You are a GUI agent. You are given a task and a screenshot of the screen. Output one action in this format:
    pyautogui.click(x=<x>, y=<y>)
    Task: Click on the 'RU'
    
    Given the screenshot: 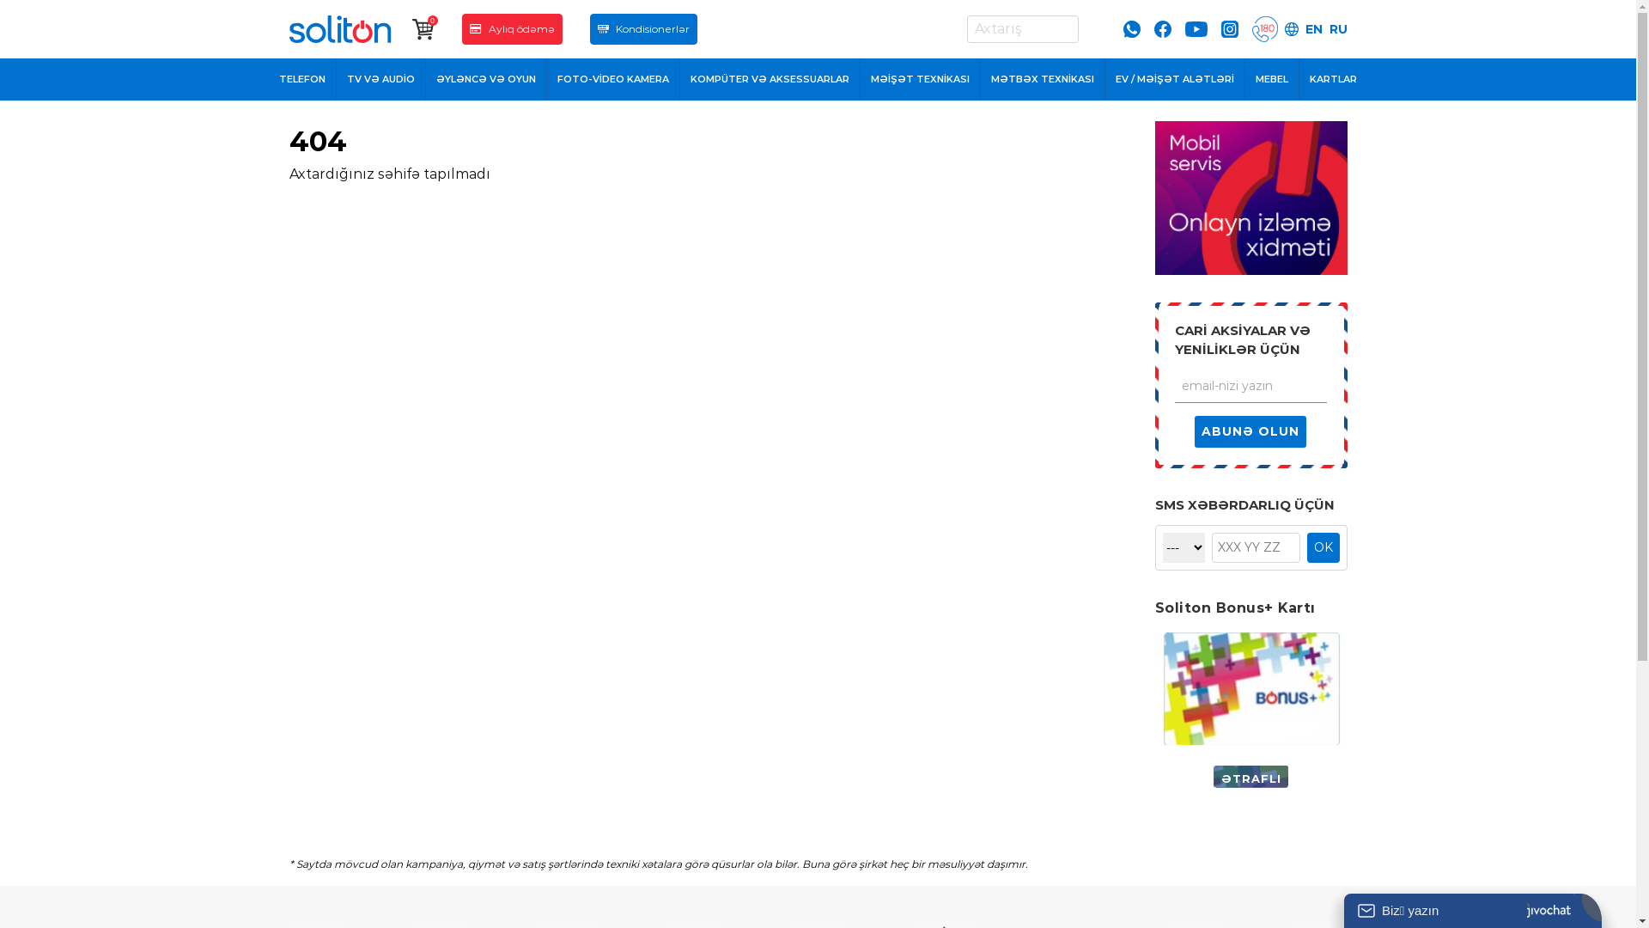 What is the action you would take?
    pyautogui.click(x=1337, y=29)
    